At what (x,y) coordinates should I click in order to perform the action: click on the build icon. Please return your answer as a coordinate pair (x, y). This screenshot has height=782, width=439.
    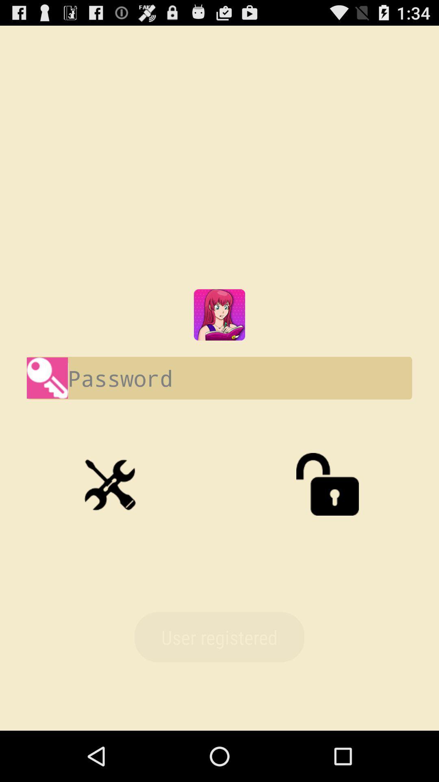
    Looking at the image, I should click on (111, 518).